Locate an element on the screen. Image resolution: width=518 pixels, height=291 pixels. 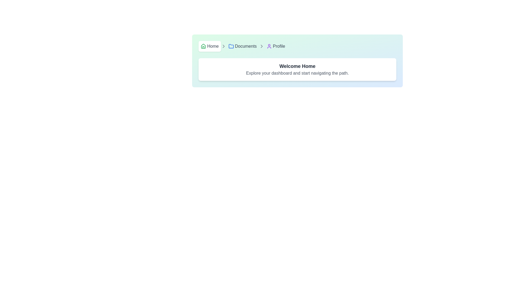
the 'Profile' text label, which is part of the navigation breadcrumb trail and is positioned near a purple user icon is located at coordinates (279, 46).